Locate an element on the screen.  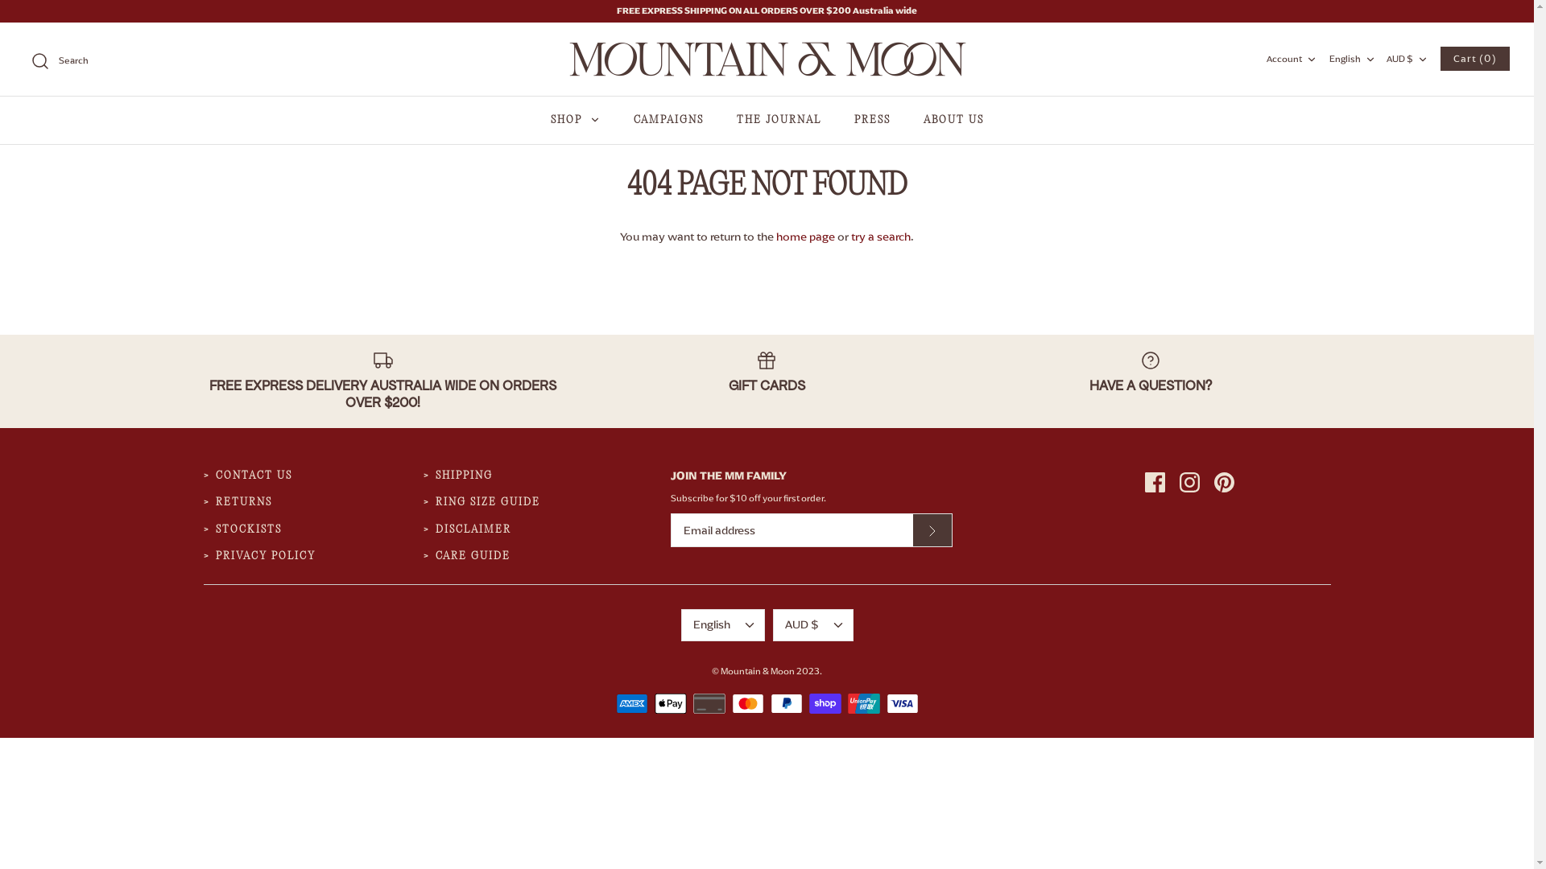
'Mountain & Moon ' is located at coordinates (765, 58).